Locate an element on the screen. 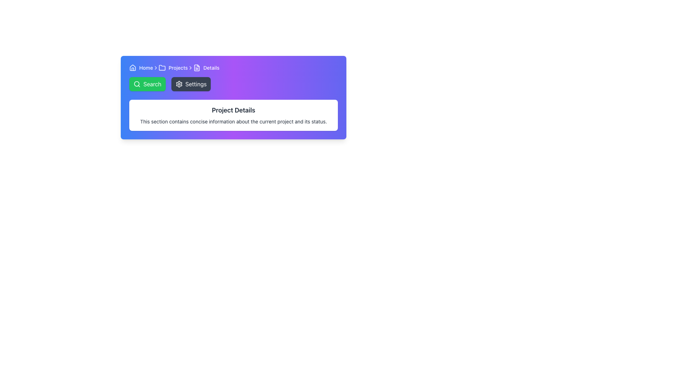 The image size is (680, 382). the 'Home' navigational label located in the header of the interface, which is part of a breadcrumb-style navigation and is positioned directly after a house icon is located at coordinates (146, 68).